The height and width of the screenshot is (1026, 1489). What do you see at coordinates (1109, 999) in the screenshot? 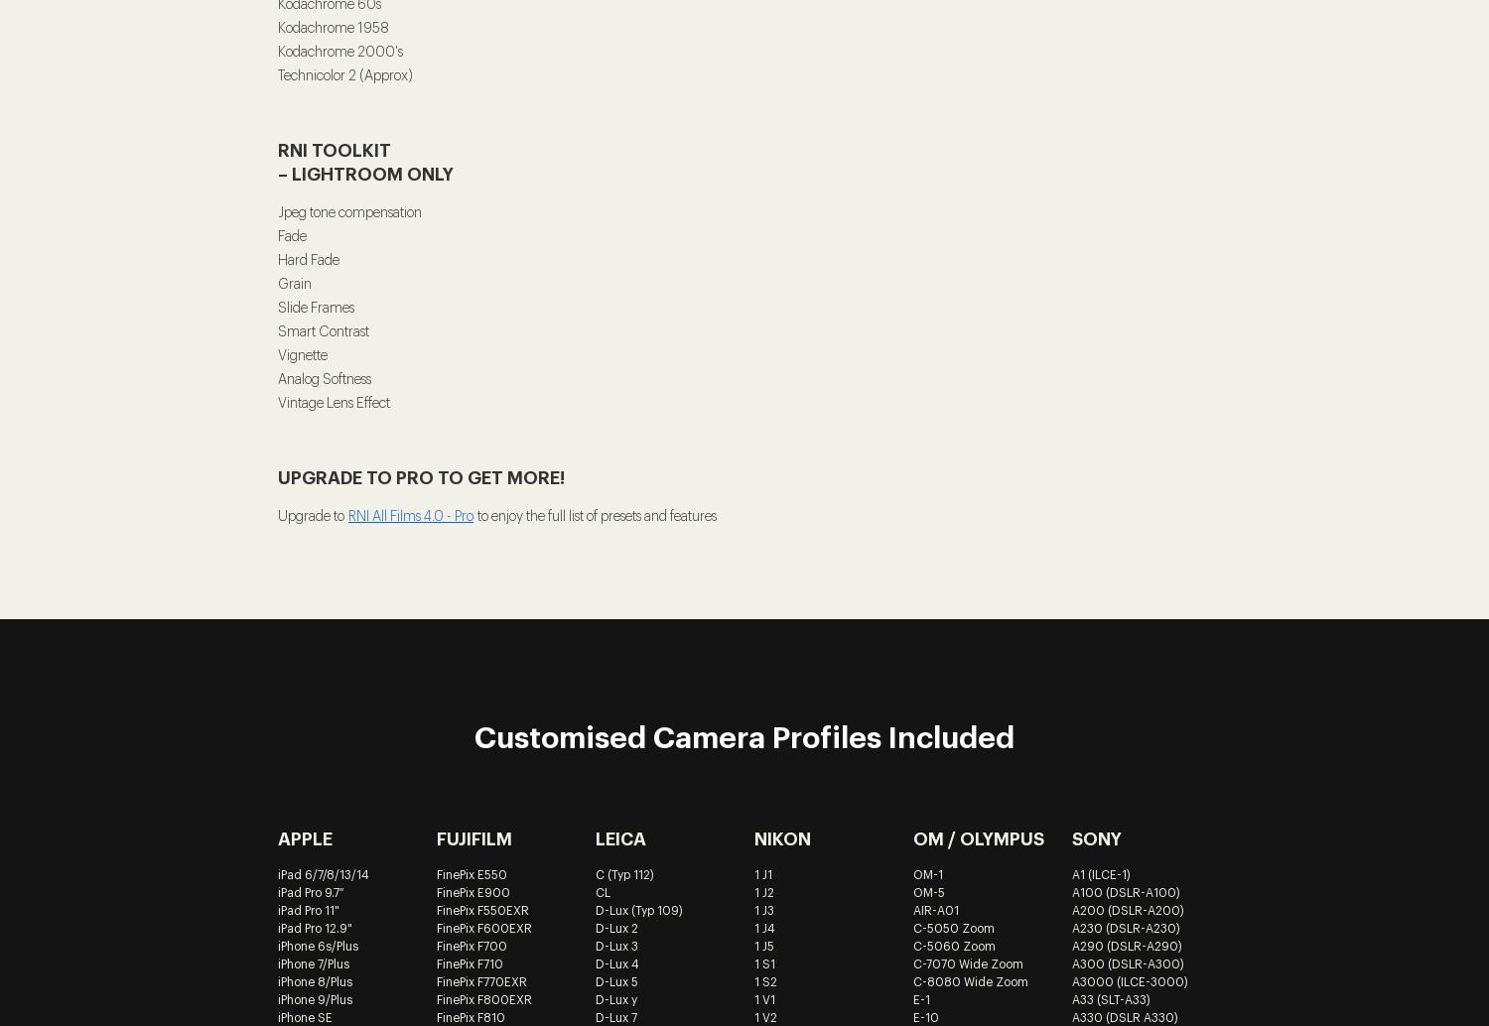
I see `'A33 (SLT-A33)'` at bounding box center [1109, 999].